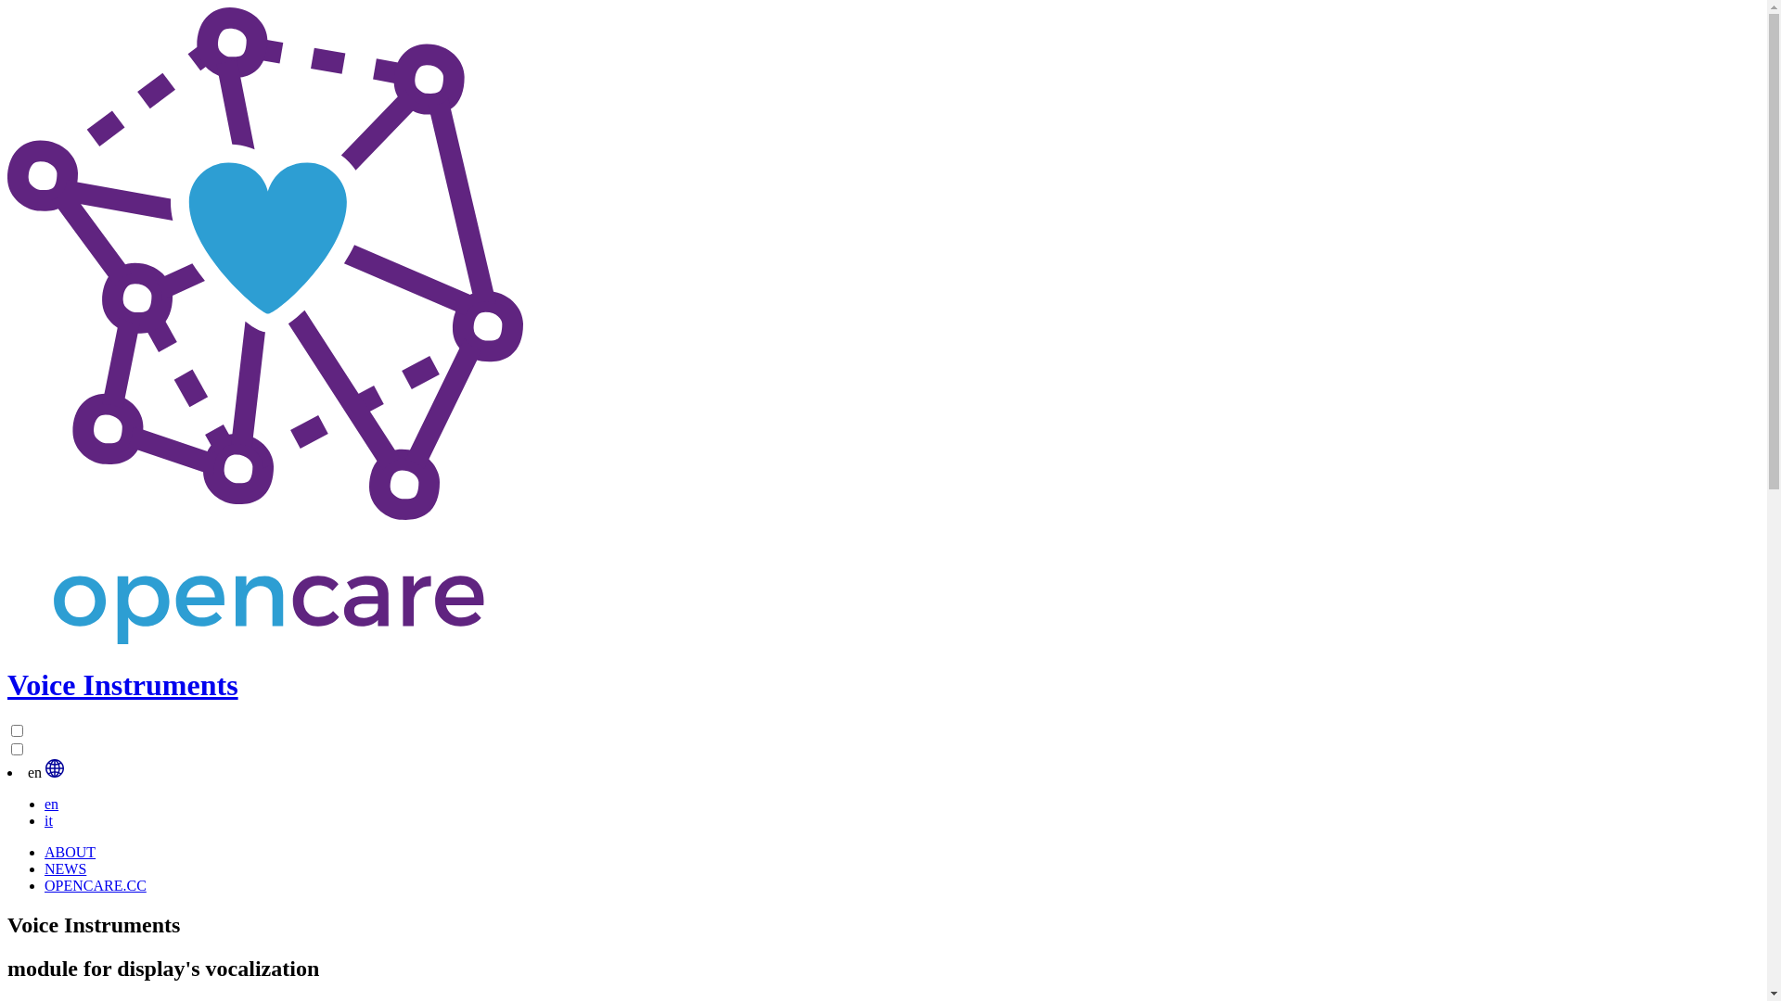 This screenshot has height=1001, width=1781. What do you see at coordinates (94, 884) in the screenshot?
I see `'OPENCARE.CC'` at bounding box center [94, 884].